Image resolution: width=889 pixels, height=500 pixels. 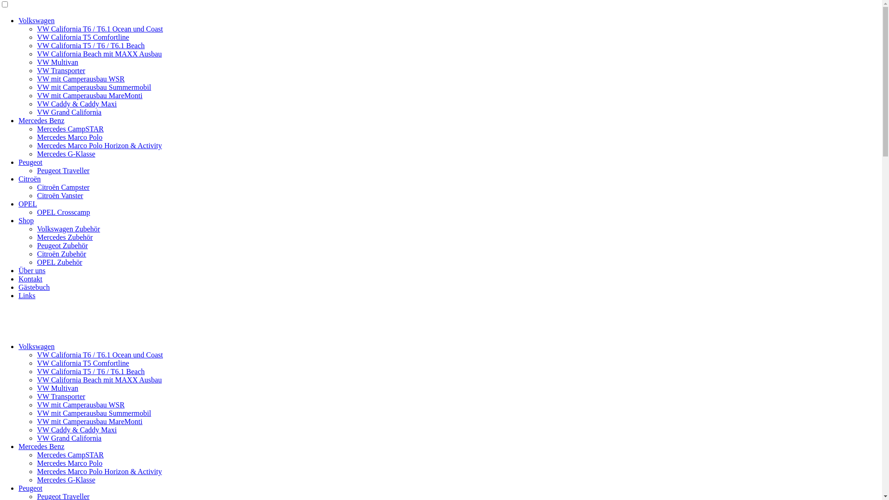 I want to click on 'VW California T5 Comfortline', so click(x=83, y=362).